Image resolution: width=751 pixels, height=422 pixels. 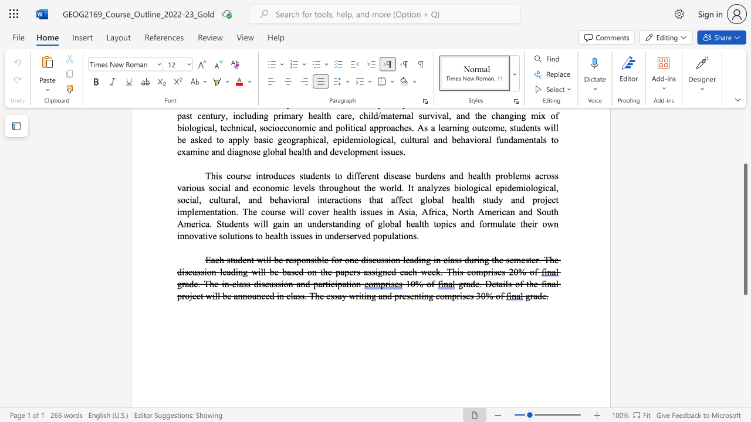 I want to click on the scrollbar to scroll the page up, so click(x=745, y=139).